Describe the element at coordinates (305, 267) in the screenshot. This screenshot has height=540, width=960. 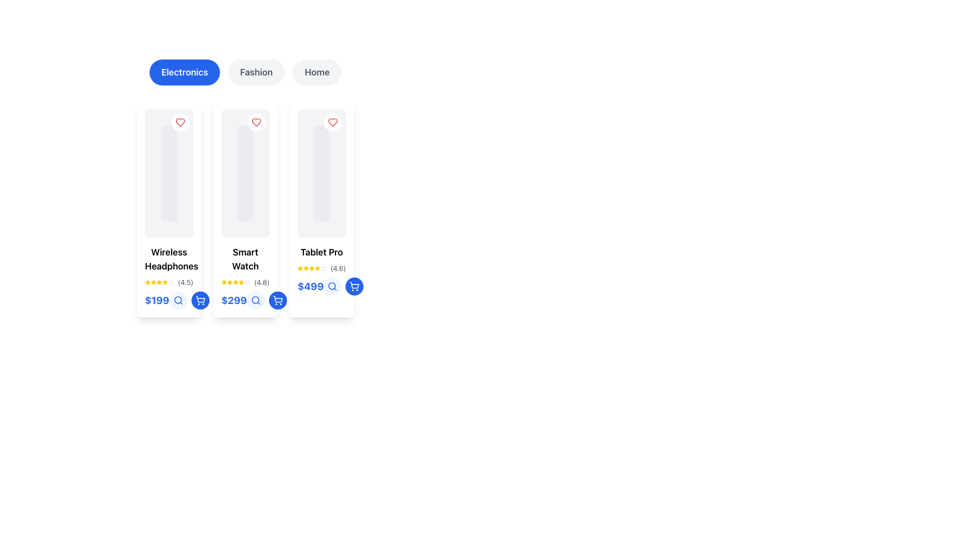
I see `the second star icon in the rating display for the 'Tablet Pro' product card` at that location.